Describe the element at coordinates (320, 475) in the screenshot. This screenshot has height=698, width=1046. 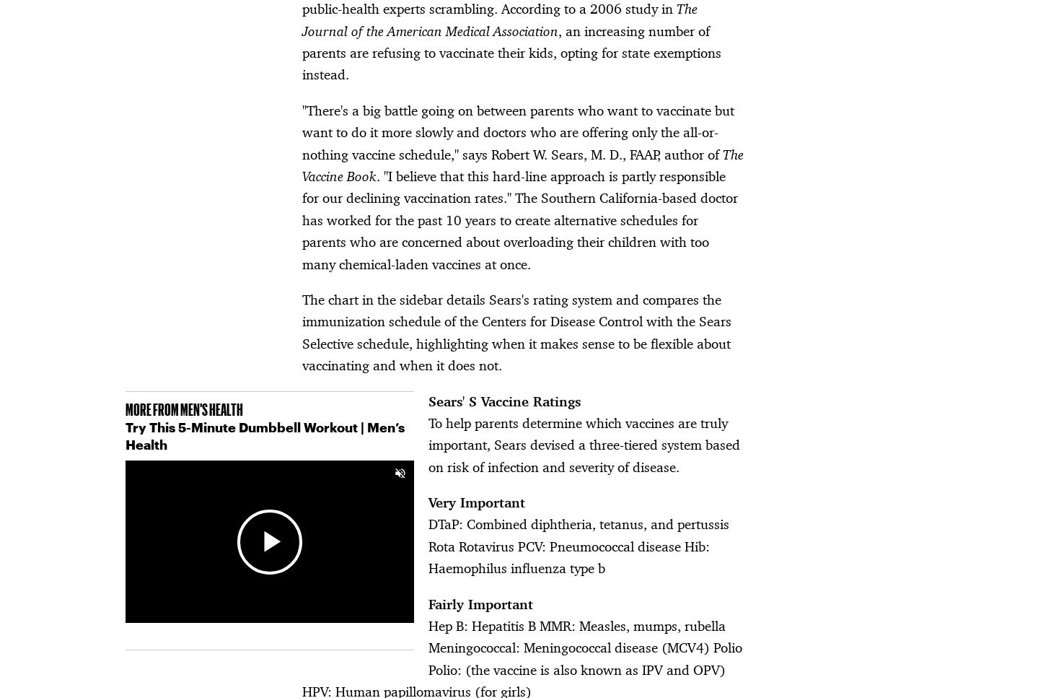
I see `'Newsletter'` at that location.